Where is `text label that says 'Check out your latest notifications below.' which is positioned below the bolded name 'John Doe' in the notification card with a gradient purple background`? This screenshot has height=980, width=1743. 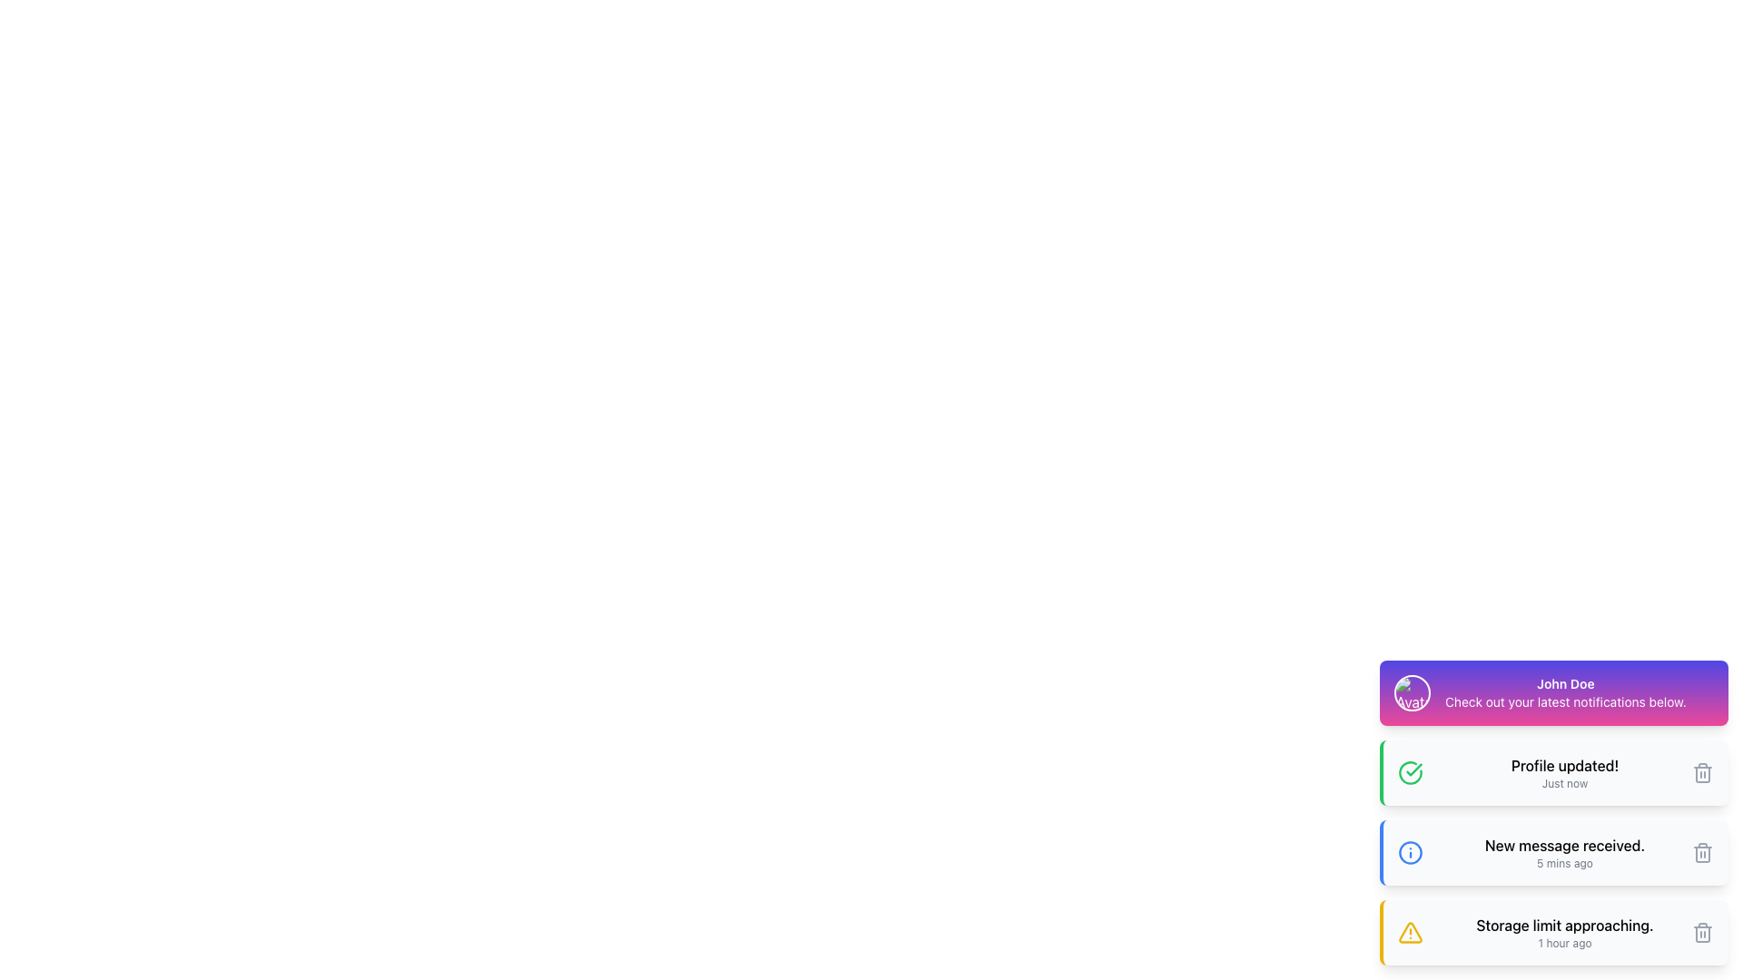
text label that says 'Check out your latest notifications below.' which is positioned below the bolded name 'John Doe' in the notification card with a gradient purple background is located at coordinates (1564, 701).